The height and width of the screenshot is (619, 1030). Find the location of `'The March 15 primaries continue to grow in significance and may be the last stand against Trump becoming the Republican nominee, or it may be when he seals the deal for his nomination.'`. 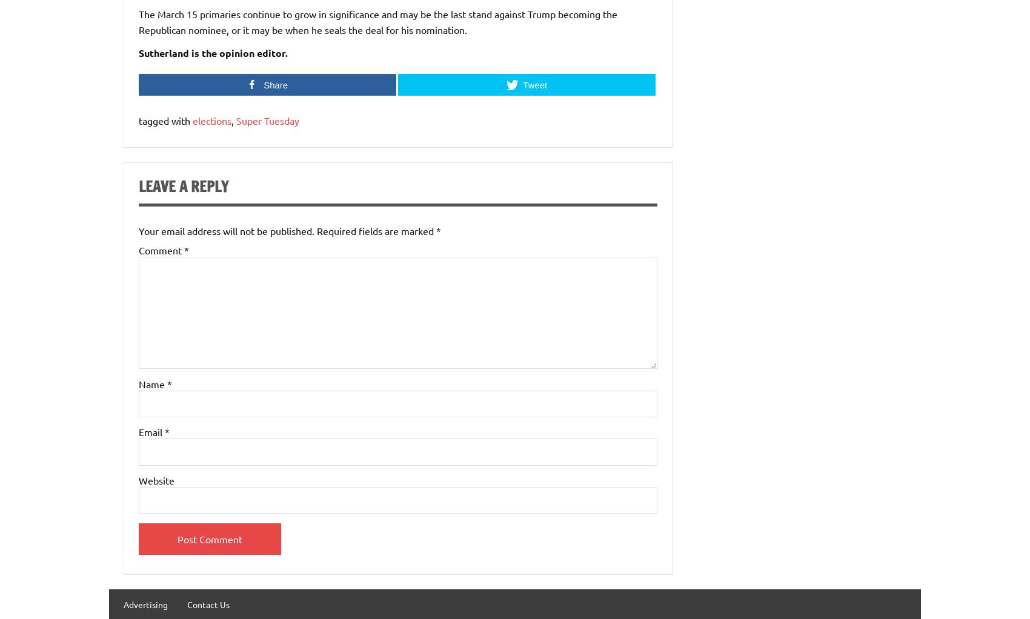

'The March 15 primaries continue to grow in significance and may be the last stand against Trump becoming the Republican nominee, or it may be when he seals the deal for his nomination.' is located at coordinates (138, 21).